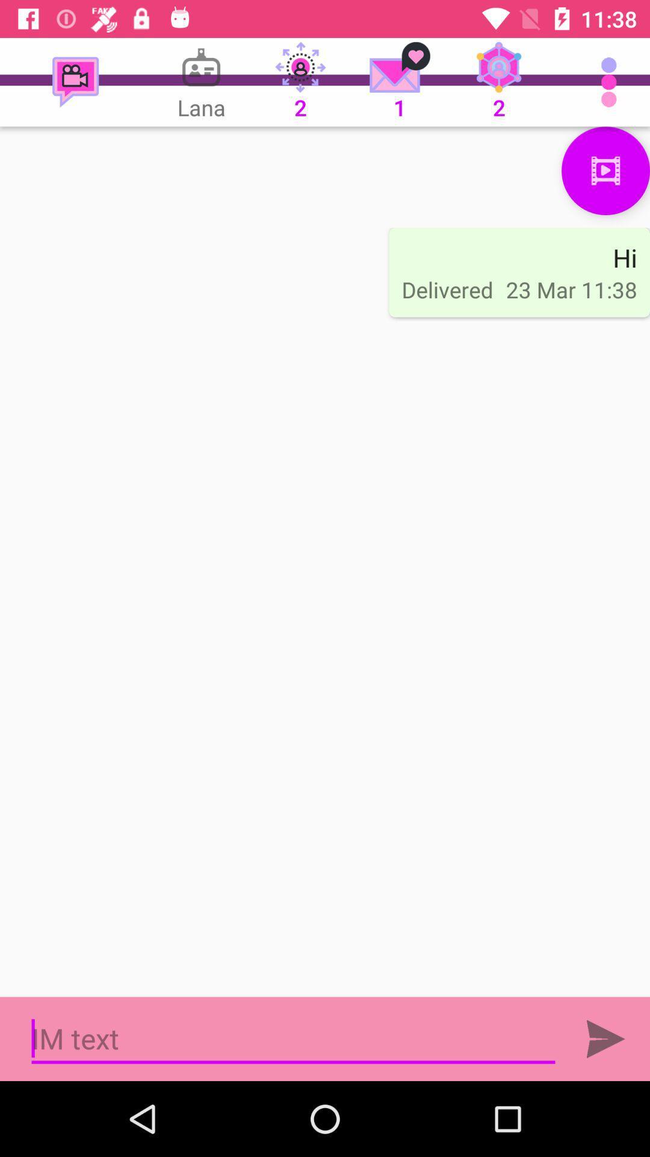  Describe the element at coordinates (293, 1038) in the screenshot. I see `text` at that location.